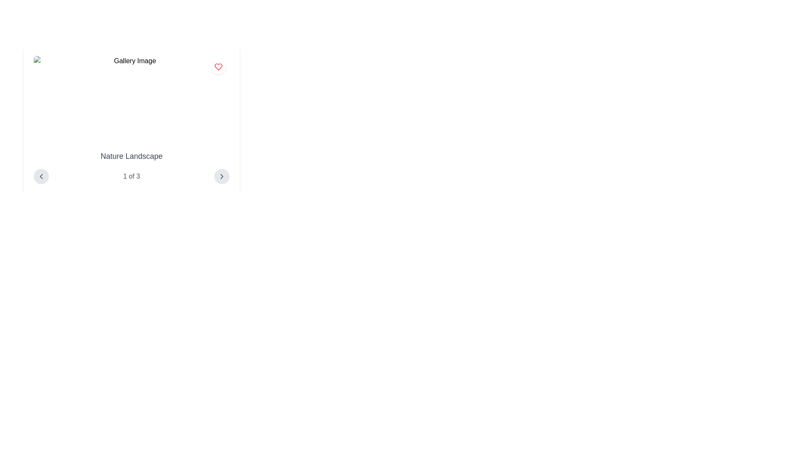 Image resolution: width=810 pixels, height=455 pixels. Describe the element at coordinates (221, 176) in the screenshot. I see `the right-pointing chevron icon located within the circular button at the lower right corner of the card-like component in the gallery interface` at that location.